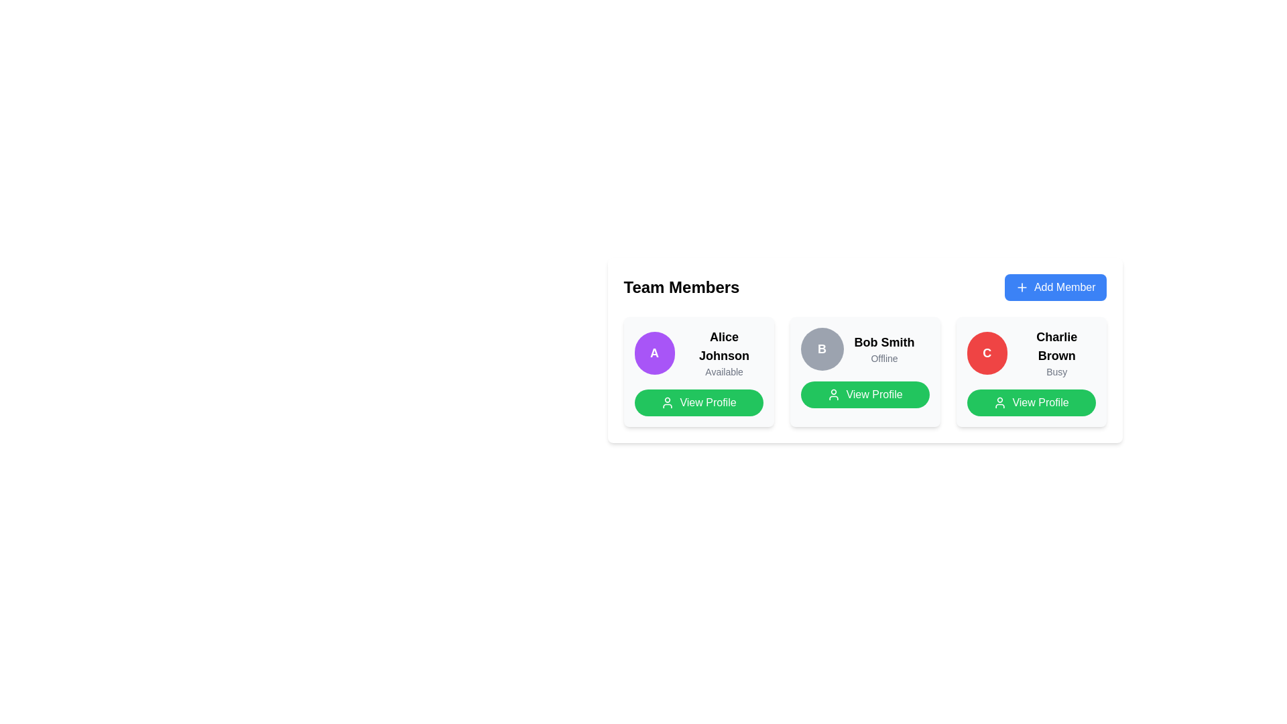 This screenshot has width=1287, height=724. What do you see at coordinates (1030, 402) in the screenshot?
I see `the 'View Profile' button with a green background and white text, located at the bottom of the card for 'Charlie Brown'` at bounding box center [1030, 402].